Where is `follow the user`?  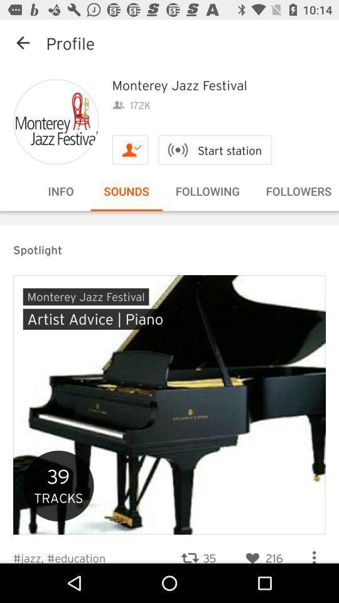 follow the user is located at coordinates (129, 149).